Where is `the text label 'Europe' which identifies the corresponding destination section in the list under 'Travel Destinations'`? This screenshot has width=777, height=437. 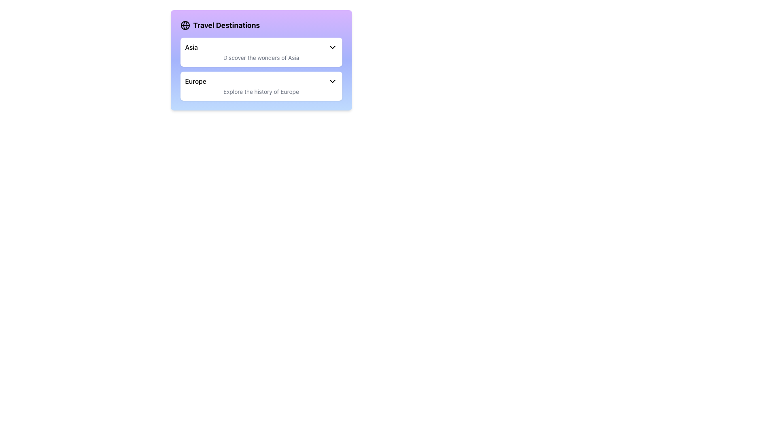
the text label 'Europe' which identifies the corresponding destination section in the list under 'Travel Destinations' is located at coordinates (195, 81).